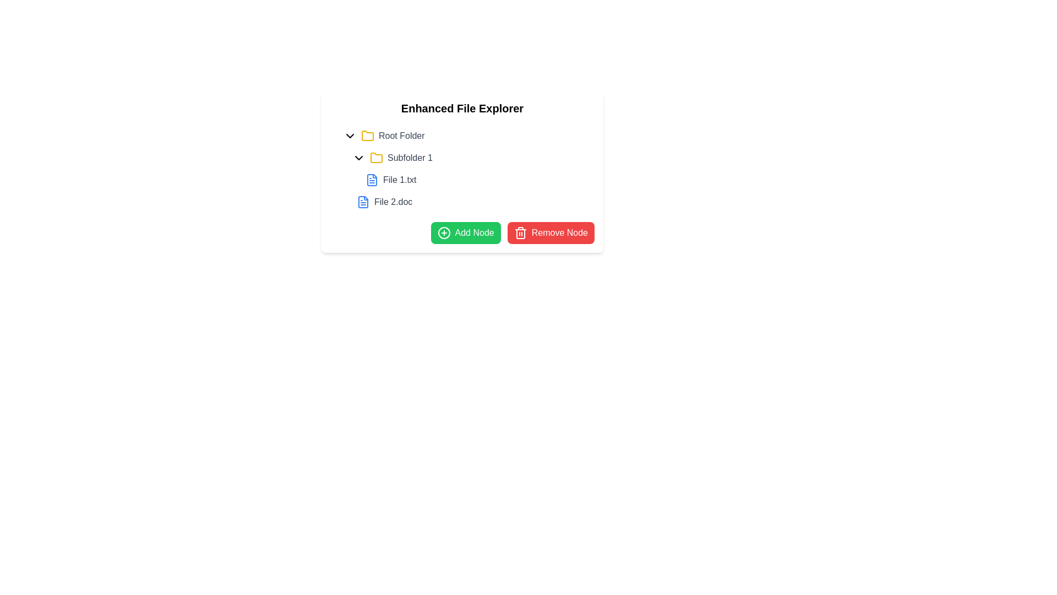 The width and height of the screenshot is (1057, 595). What do you see at coordinates (462, 108) in the screenshot?
I see `the header text displaying 'Enhanced File Explorer', which is styled as the title for the application, located at the top of the file explorer interface` at bounding box center [462, 108].